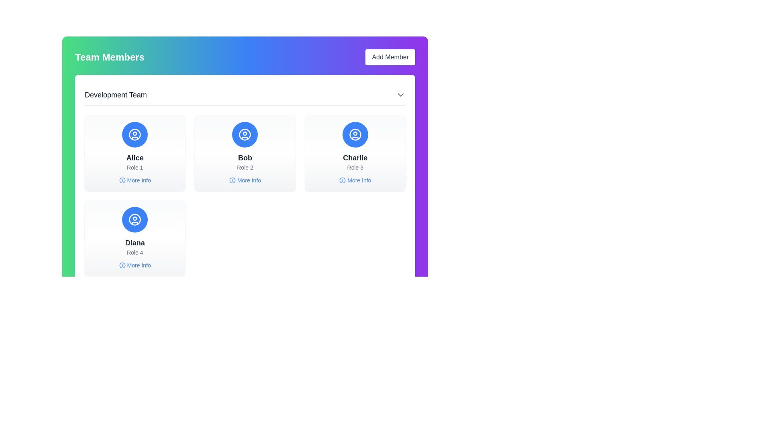 This screenshot has width=771, height=433. Describe the element at coordinates (135, 134) in the screenshot. I see `the user silhouette icon within the blue circular button located in the 'Alice, Role 1' card in the 'Development Team' section` at that location.